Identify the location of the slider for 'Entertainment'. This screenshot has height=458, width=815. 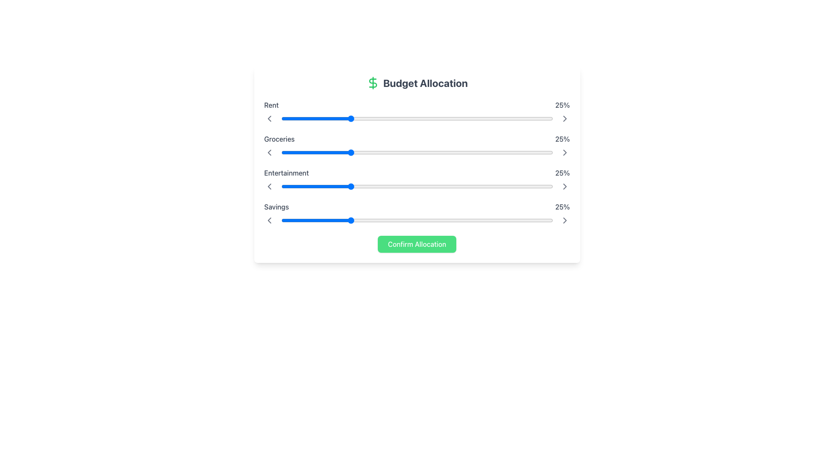
(528, 186).